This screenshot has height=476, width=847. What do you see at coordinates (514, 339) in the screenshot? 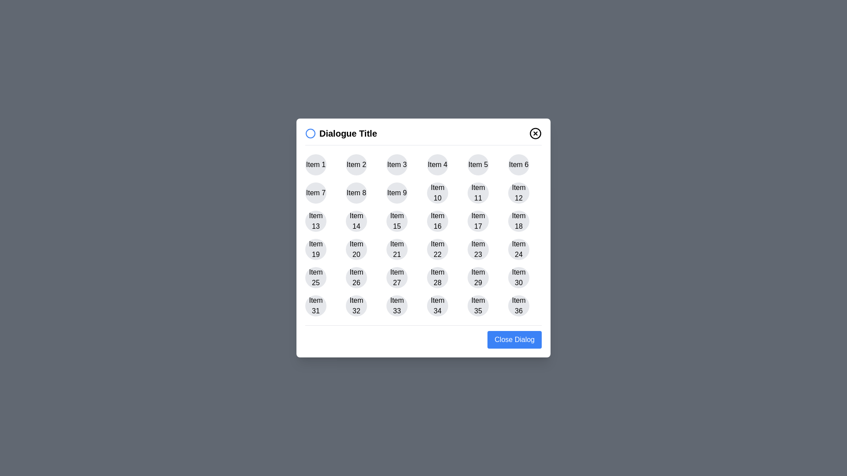
I see `the 'Close Dialog' button to close the dialog` at bounding box center [514, 339].